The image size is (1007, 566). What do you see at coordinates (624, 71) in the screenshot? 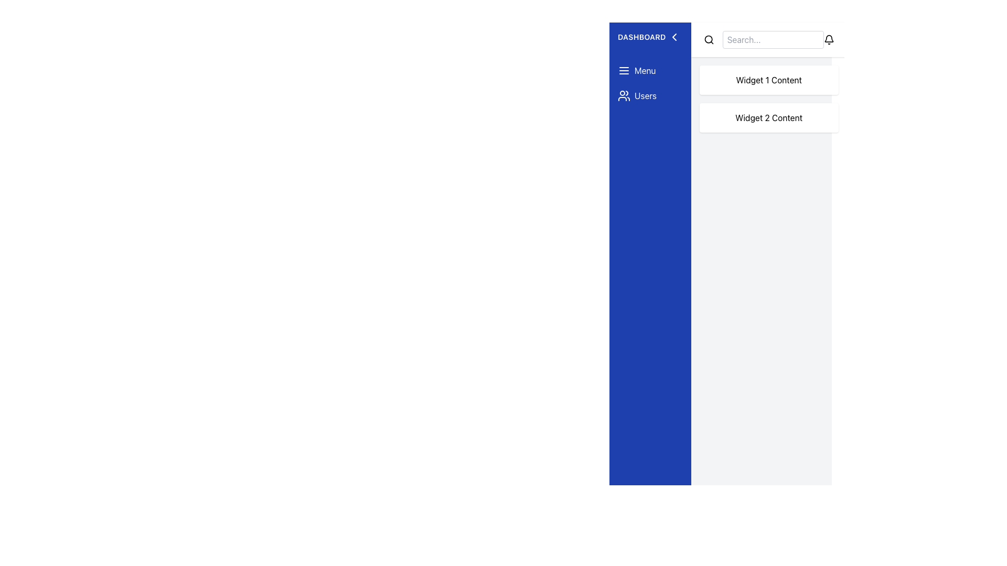
I see `the menu icon consisting of three horizontal lines located in the blue navigation panel` at bounding box center [624, 71].